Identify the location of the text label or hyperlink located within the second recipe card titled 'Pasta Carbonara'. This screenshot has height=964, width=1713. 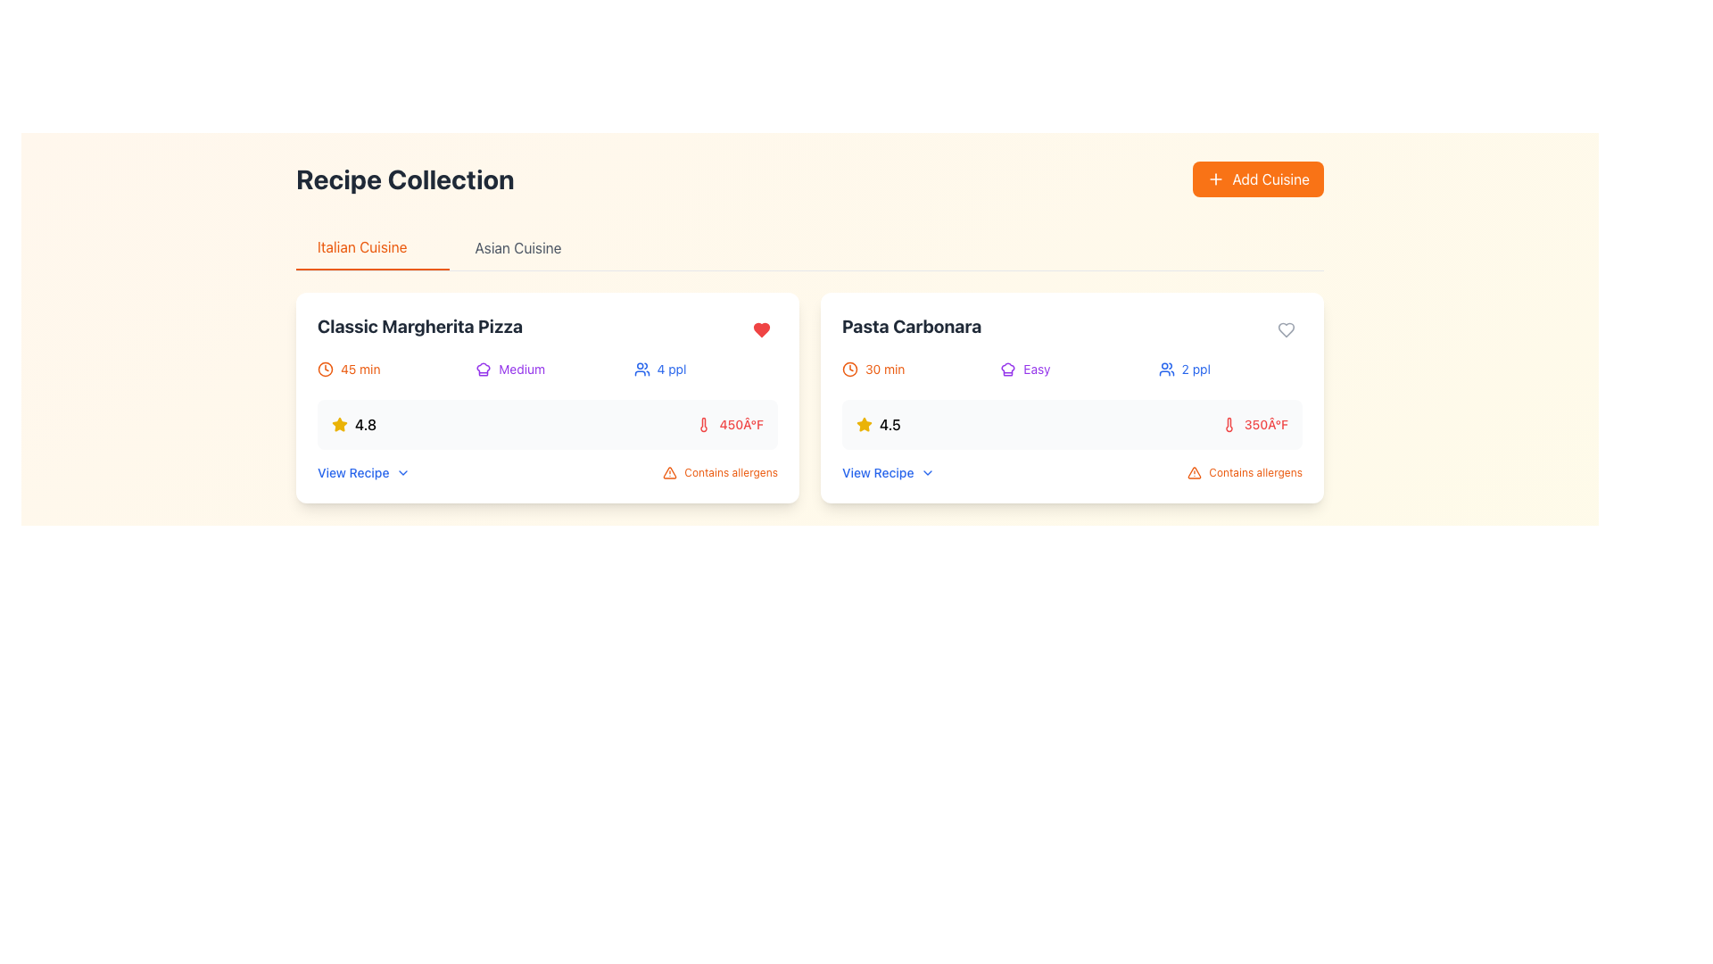
(877, 471).